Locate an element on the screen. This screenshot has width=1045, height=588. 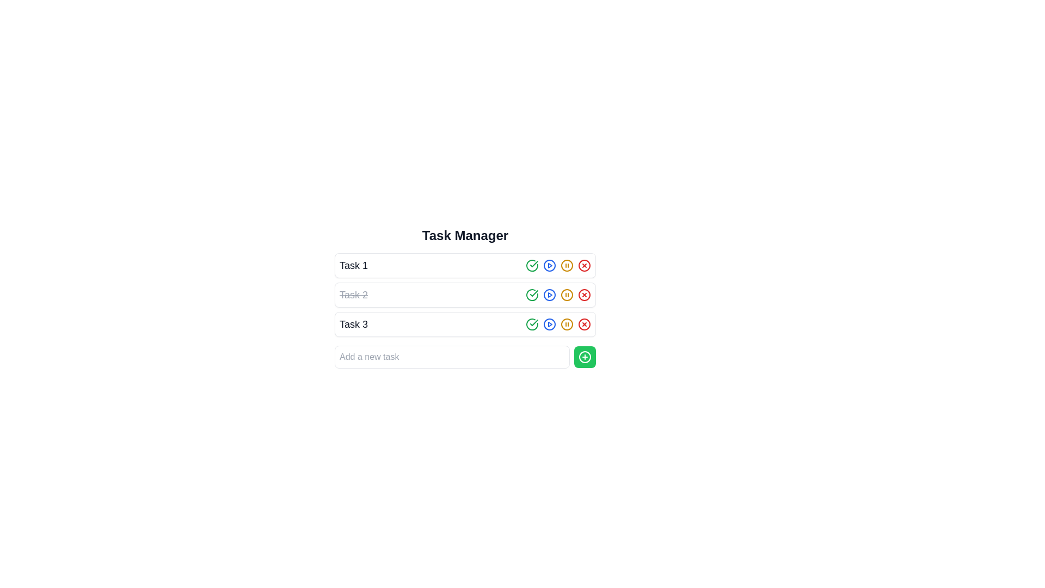
the delete button icon for 'Task 2' is located at coordinates (584, 295).